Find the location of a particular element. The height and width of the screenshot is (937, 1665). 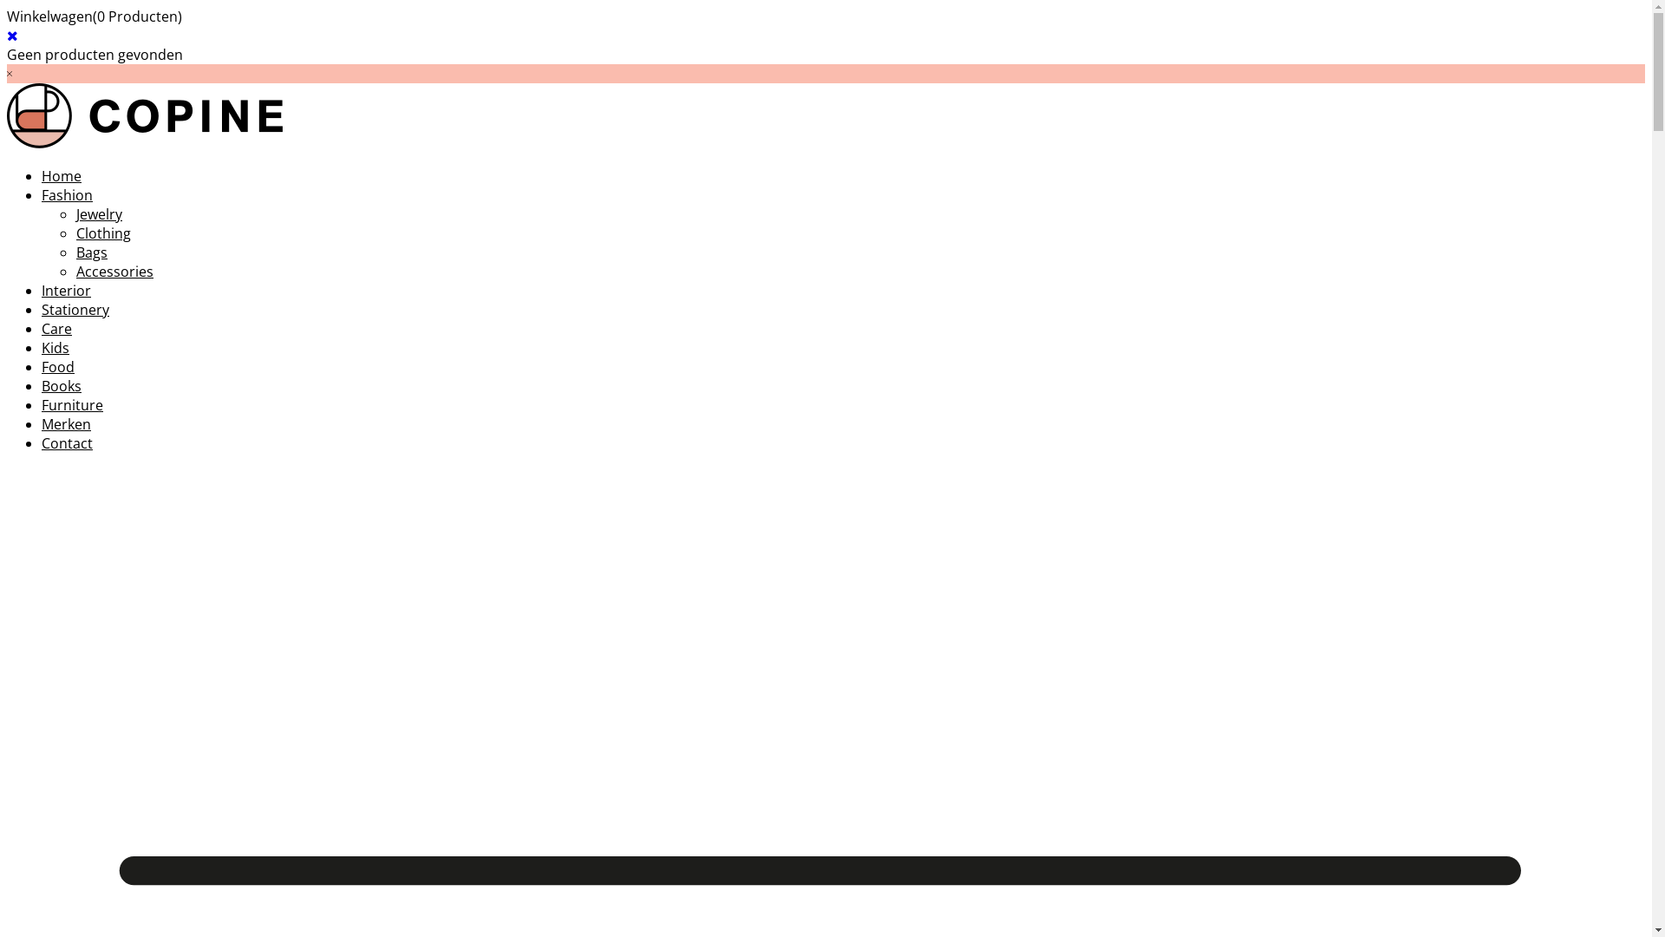

'Jewelry' is located at coordinates (98, 213).